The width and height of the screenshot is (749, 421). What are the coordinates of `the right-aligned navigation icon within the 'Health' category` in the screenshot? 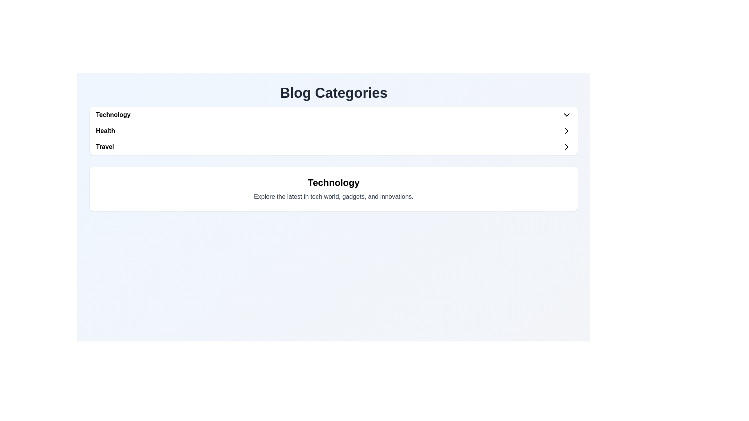 It's located at (567, 130).